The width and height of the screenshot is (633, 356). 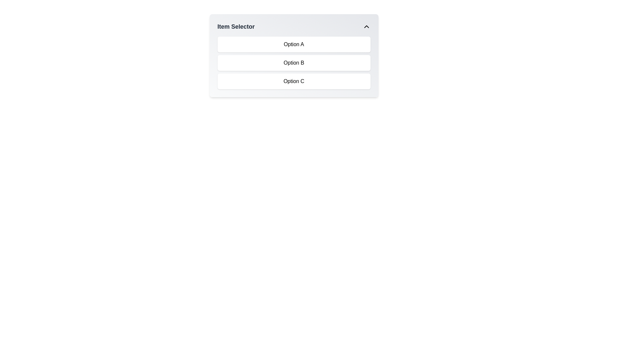 I want to click on the small black upward-pointing chevron icon button located in the upper right corner of the 'Item Selector' component, so click(x=366, y=26).